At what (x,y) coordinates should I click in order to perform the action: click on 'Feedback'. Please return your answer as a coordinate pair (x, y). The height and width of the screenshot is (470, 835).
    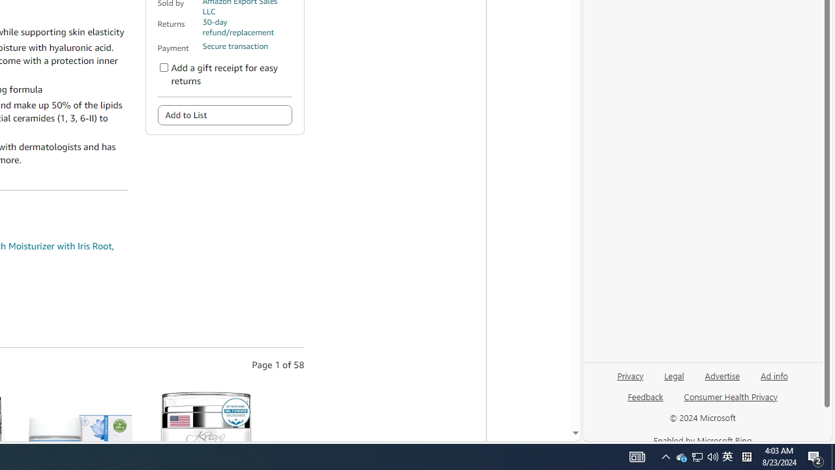
    Looking at the image, I should click on (646, 396).